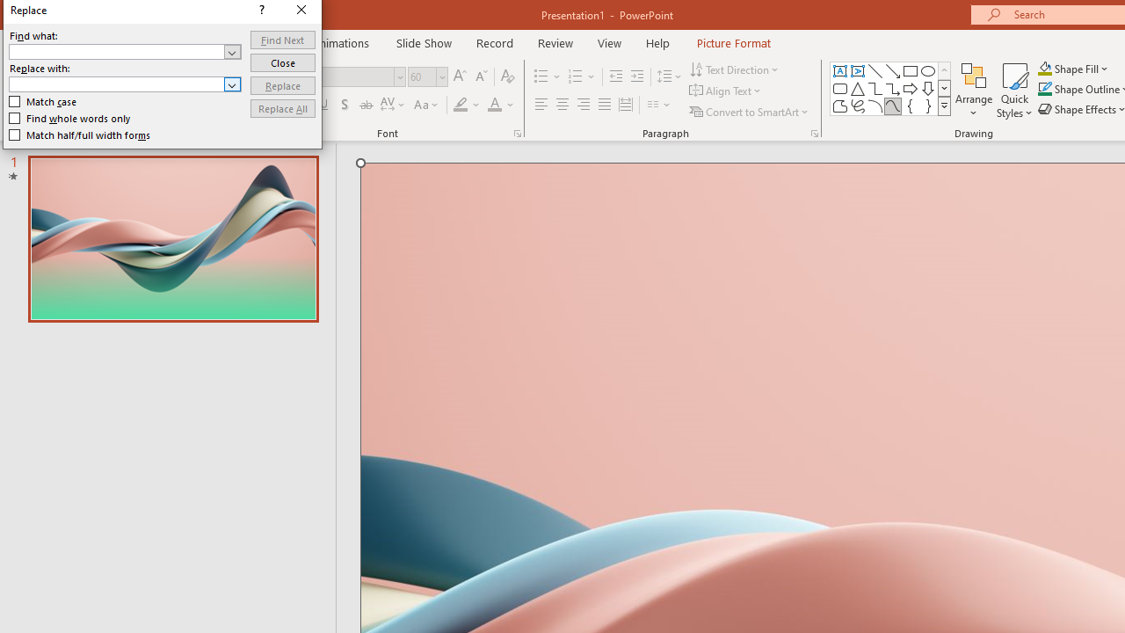 The image size is (1125, 633). What do you see at coordinates (282, 40) in the screenshot?
I see `'Find Next'` at bounding box center [282, 40].